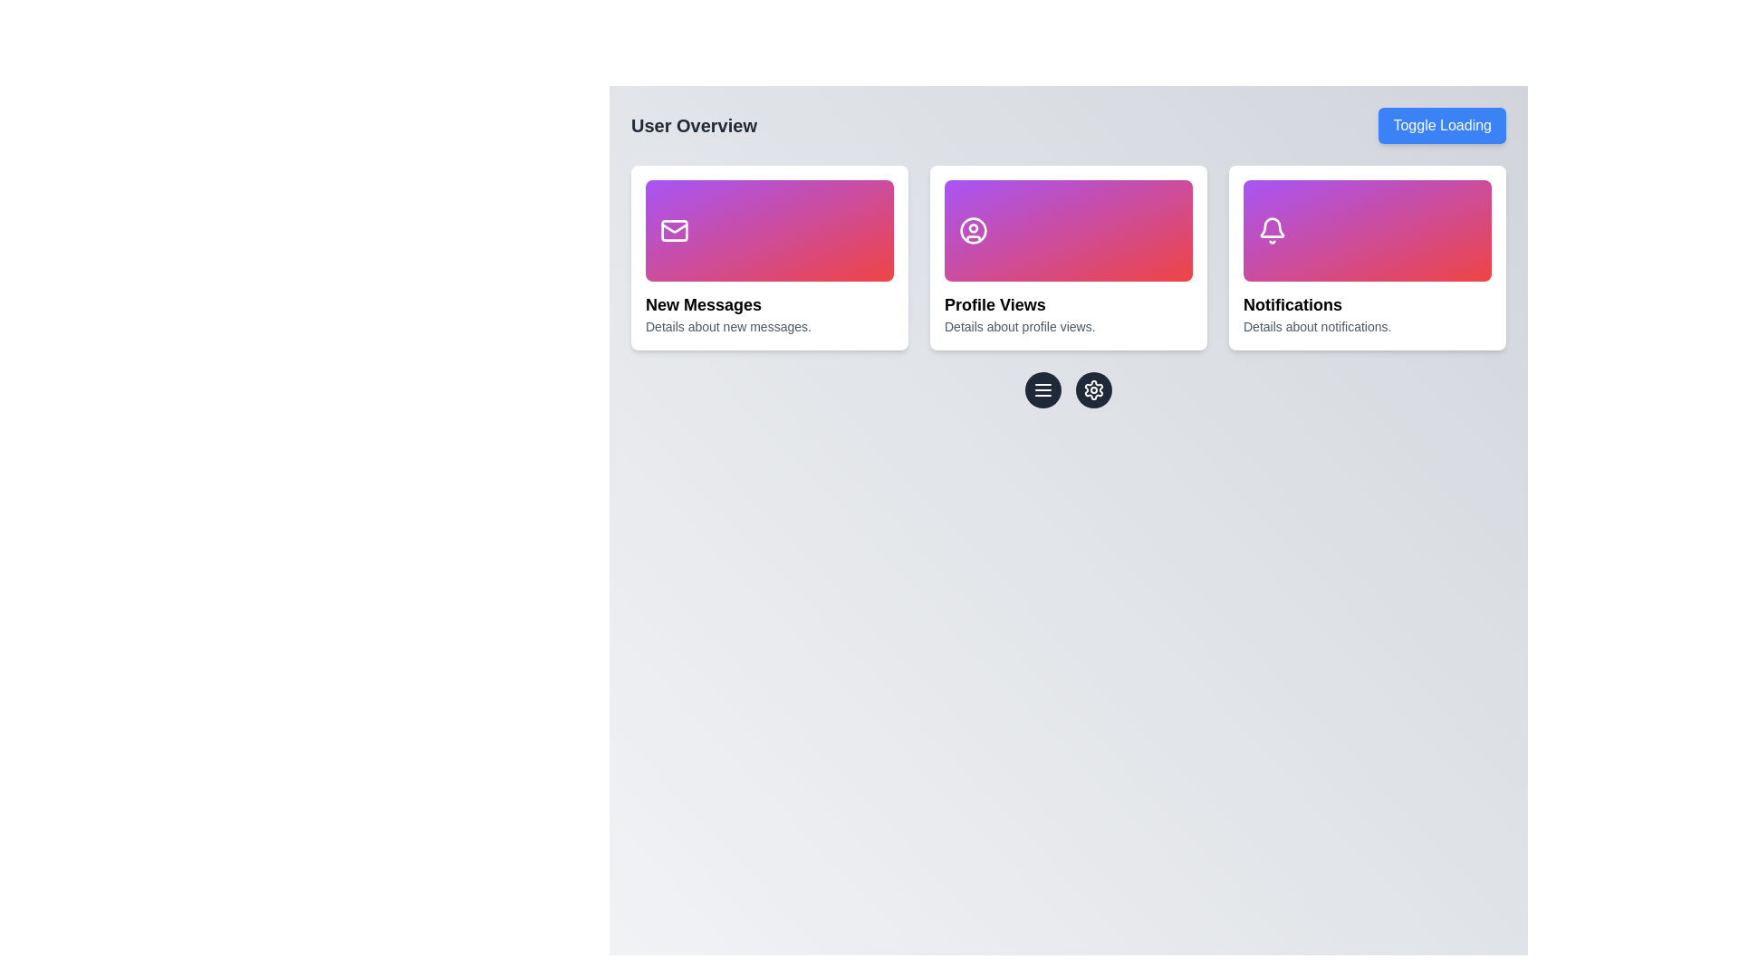 Image resolution: width=1739 pixels, height=978 pixels. I want to click on descriptive label text 'Details about new messages.' located below the title 'New Messages' in the 'User Overview' section, so click(728, 327).